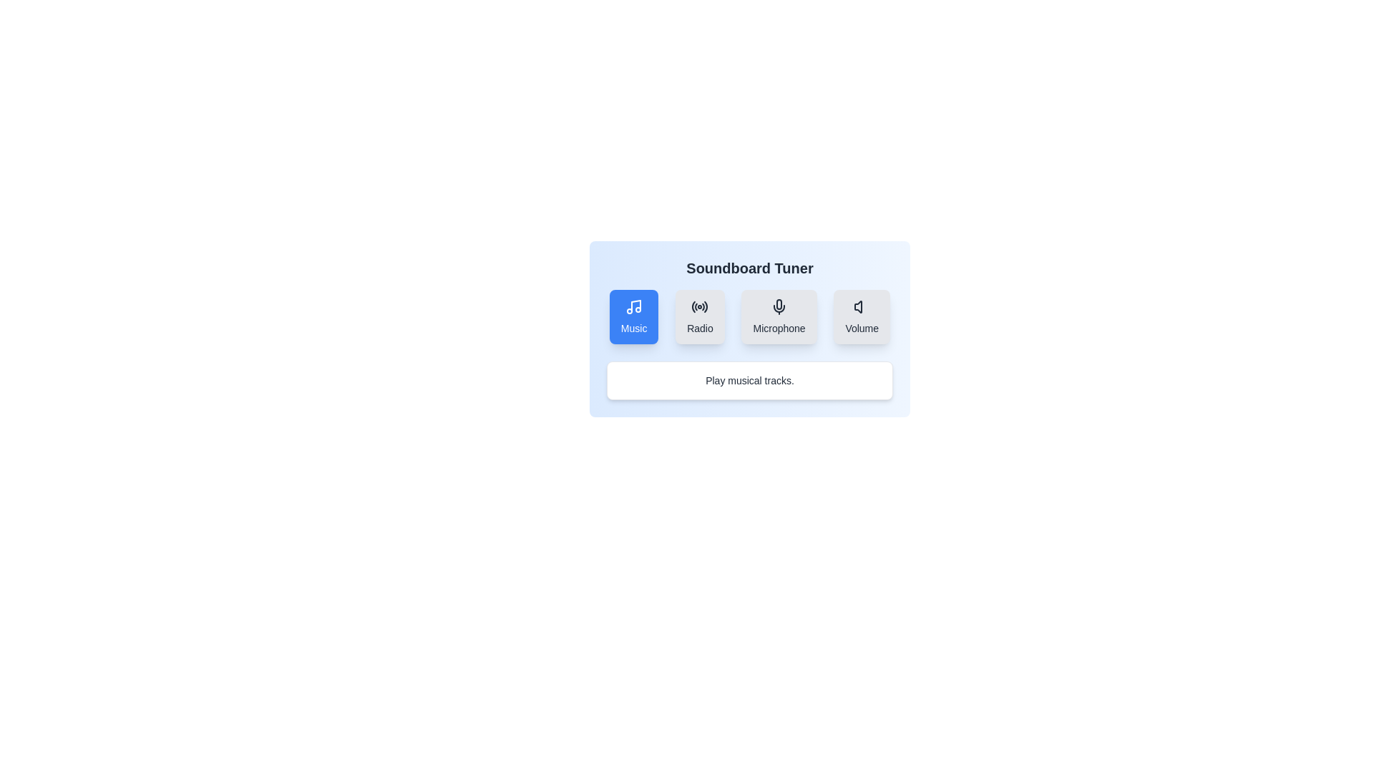 This screenshot has height=773, width=1374. Describe the element at coordinates (861, 316) in the screenshot. I see `the Volume option in the Soundboard Tuner menu` at that location.